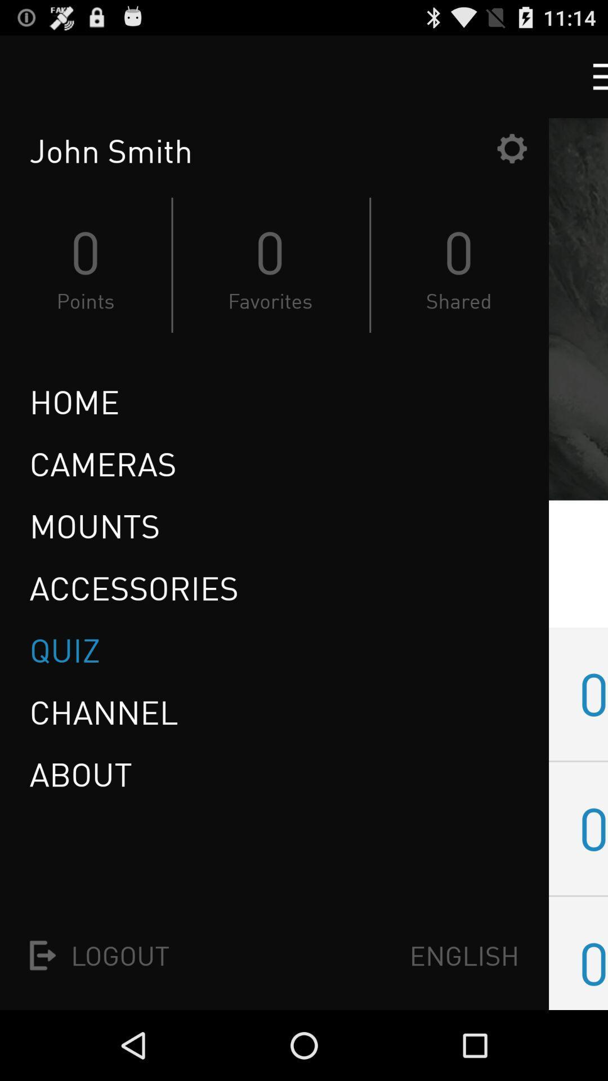  I want to click on the settings icon, so click(512, 158).